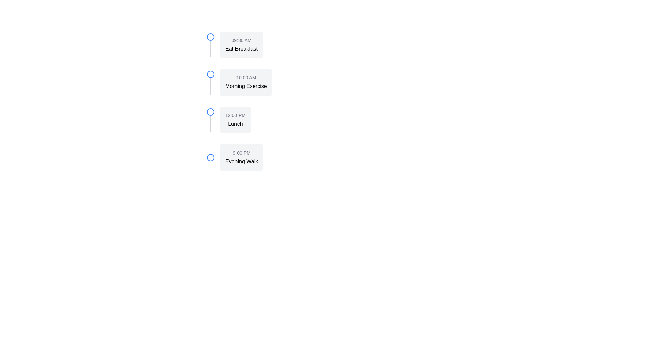 The width and height of the screenshot is (645, 362). I want to click on the fourth circular marker in the vertical timeline next to the '9:00 PM Evening Walk' label, so click(210, 158).